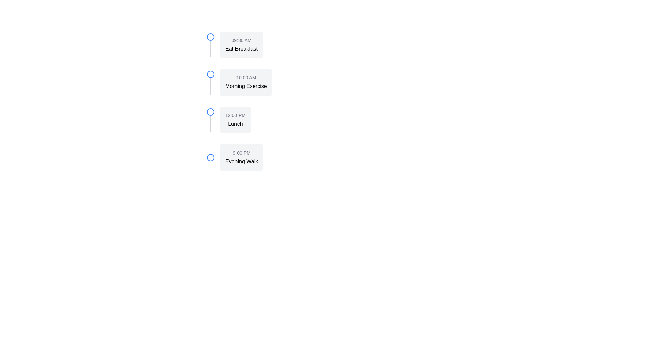 The width and height of the screenshot is (645, 362). I want to click on the fourth circular marker in the vertical timeline next to the '9:00 PM Evening Walk' label, so click(210, 158).